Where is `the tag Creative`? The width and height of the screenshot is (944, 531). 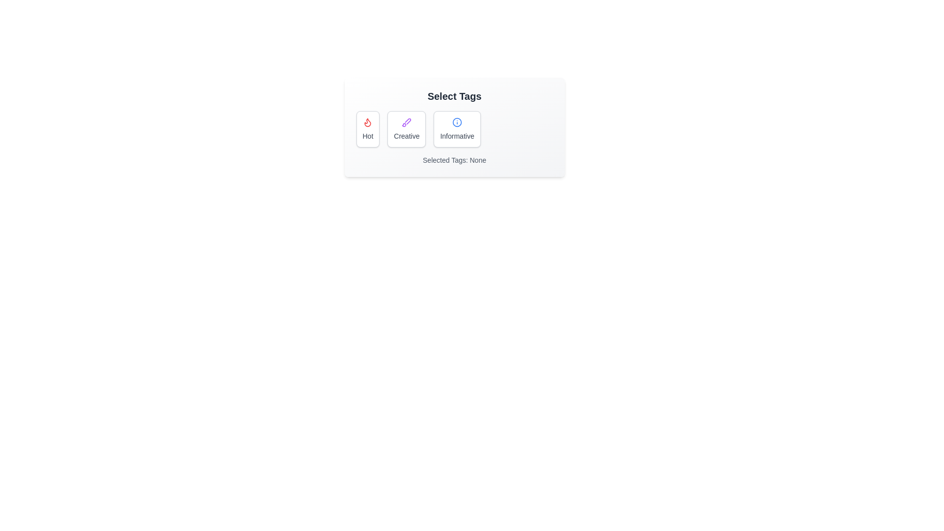
the tag Creative is located at coordinates (407, 128).